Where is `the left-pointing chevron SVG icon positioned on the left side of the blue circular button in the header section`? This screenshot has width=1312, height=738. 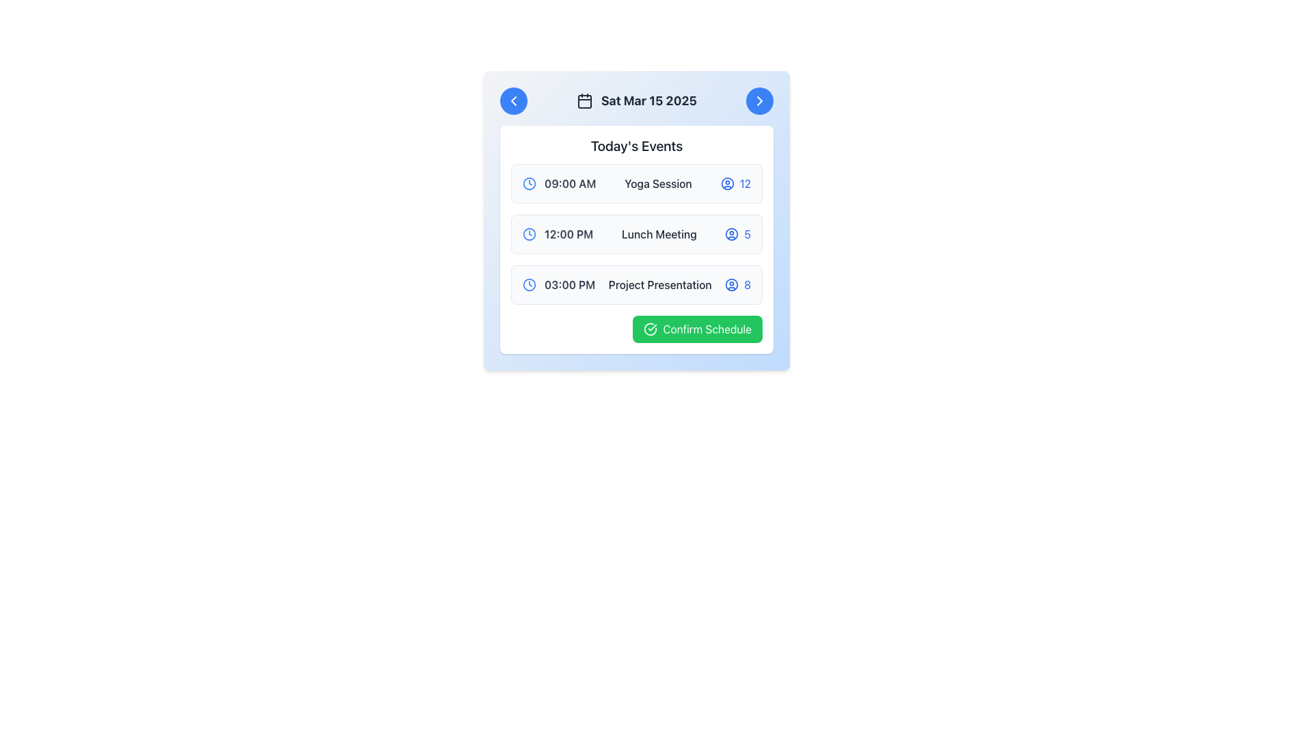 the left-pointing chevron SVG icon positioned on the left side of the blue circular button in the header section is located at coordinates (513, 100).